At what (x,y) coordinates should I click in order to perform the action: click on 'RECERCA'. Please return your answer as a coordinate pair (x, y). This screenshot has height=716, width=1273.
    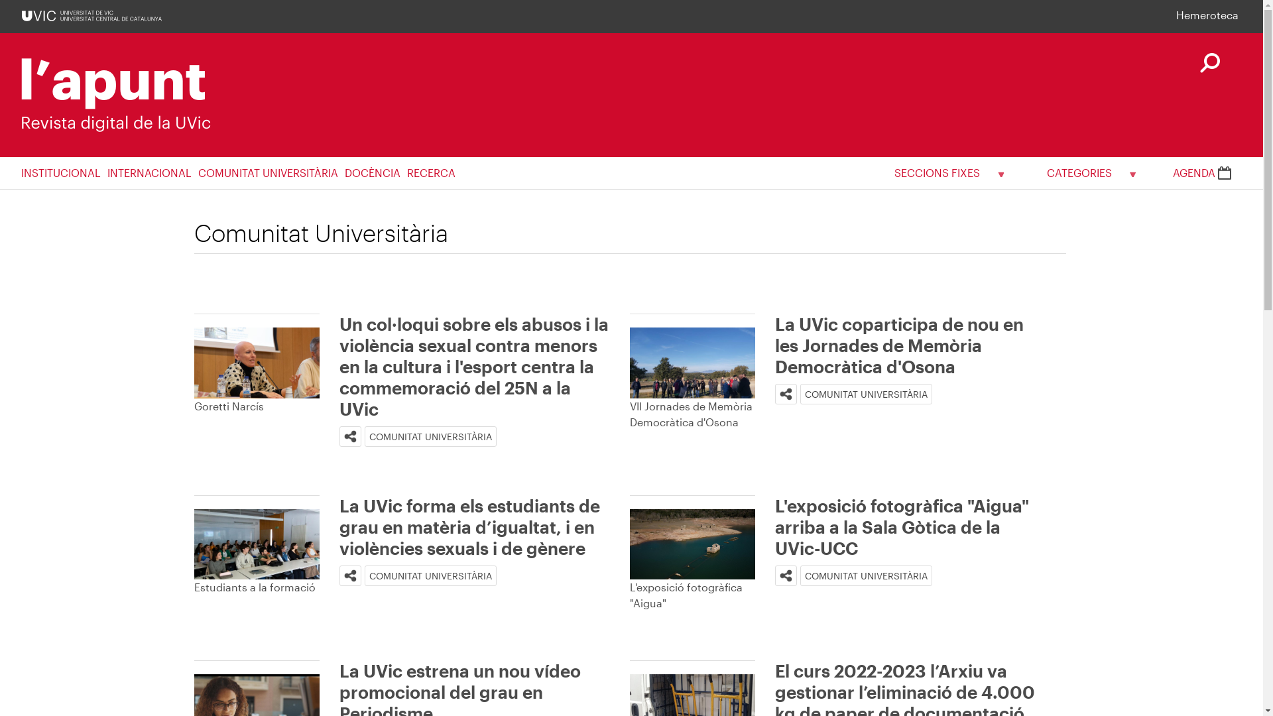
    Looking at the image, I should click on (434, 172).